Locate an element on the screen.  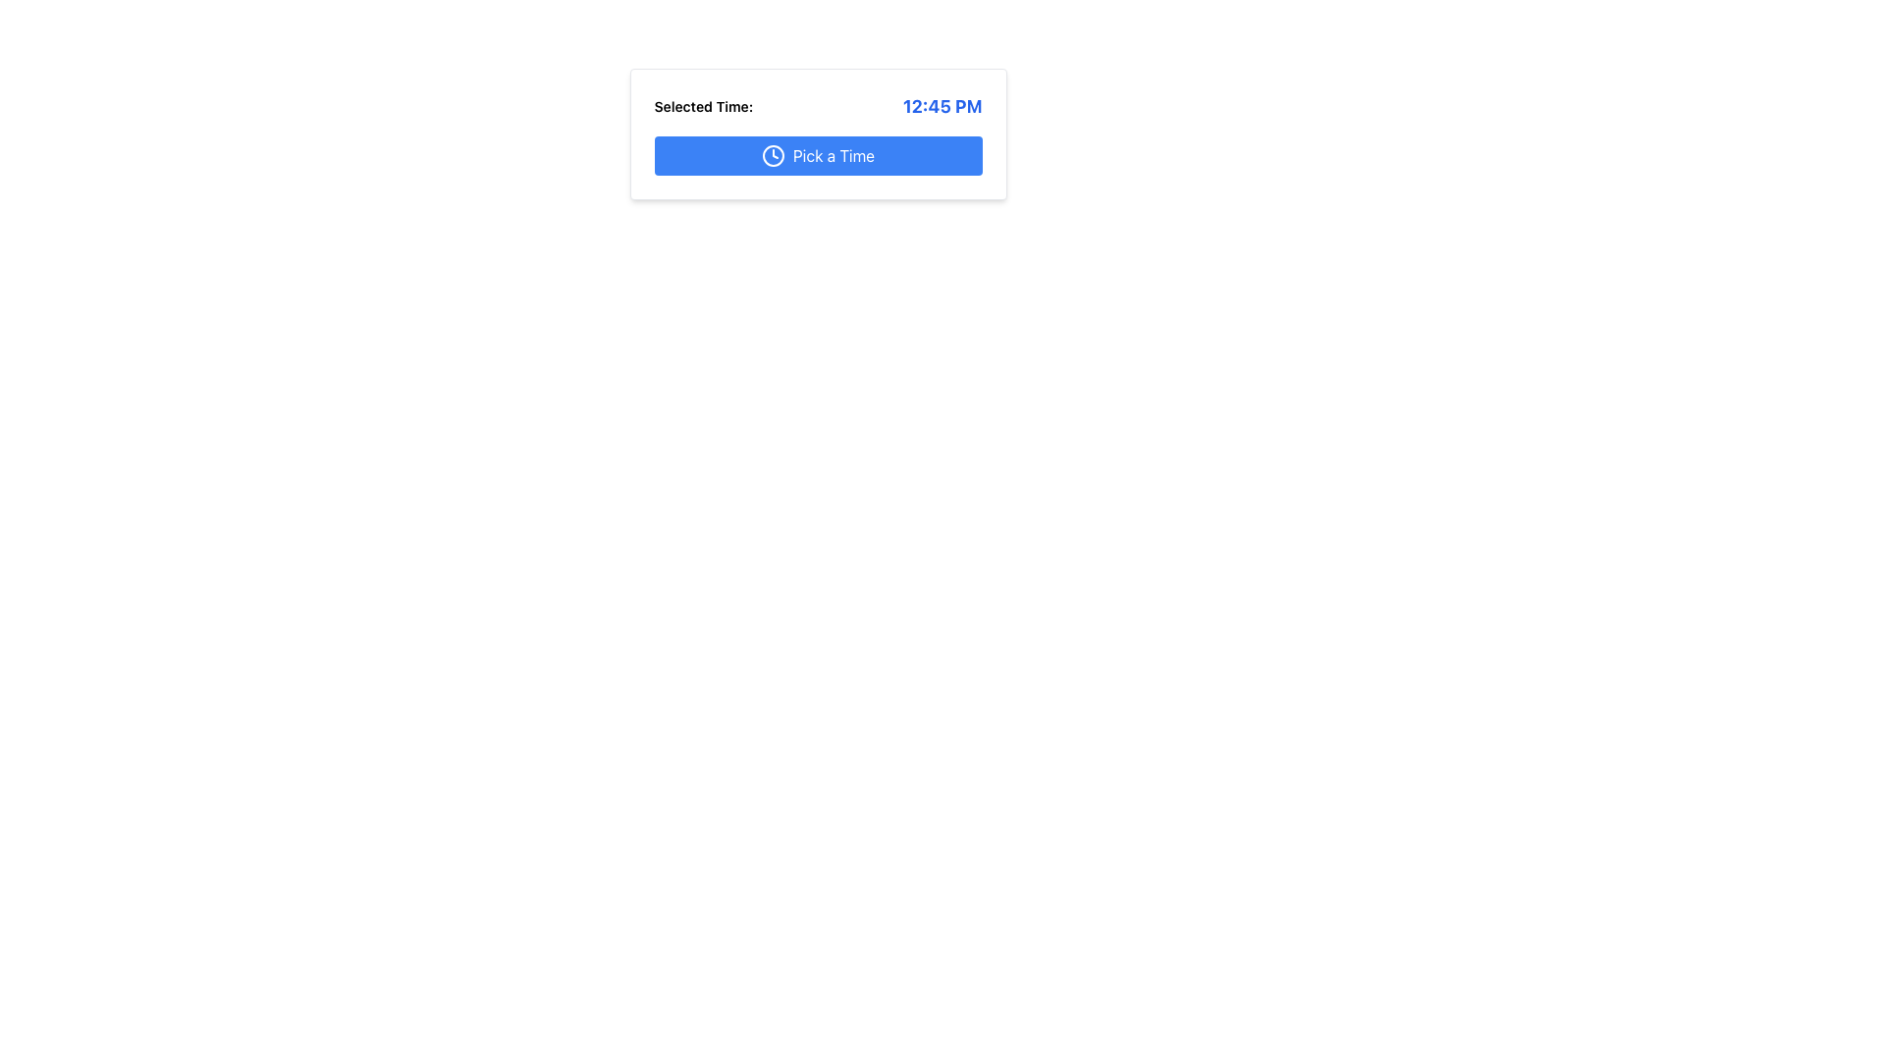
the interactive button located below the 'Selected Time: 12:45 PM' text is located at coordinates (818, 154).